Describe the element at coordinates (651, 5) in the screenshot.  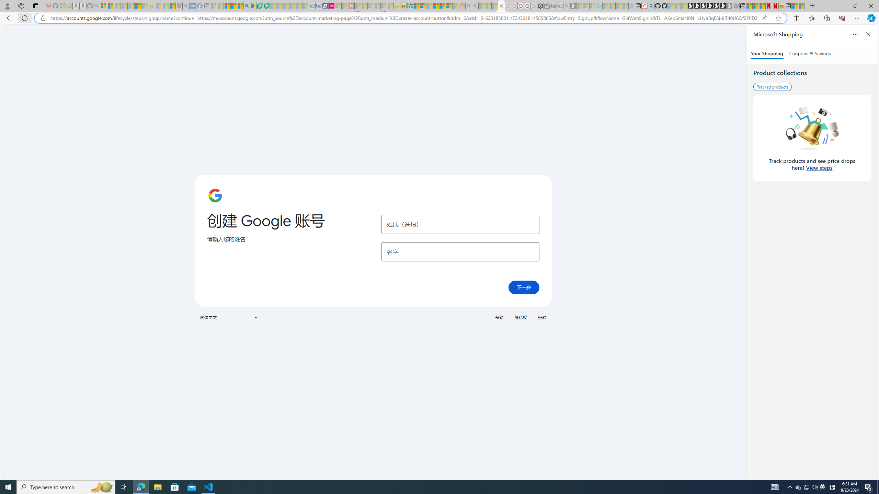
I see `'github - Search'` at that location.